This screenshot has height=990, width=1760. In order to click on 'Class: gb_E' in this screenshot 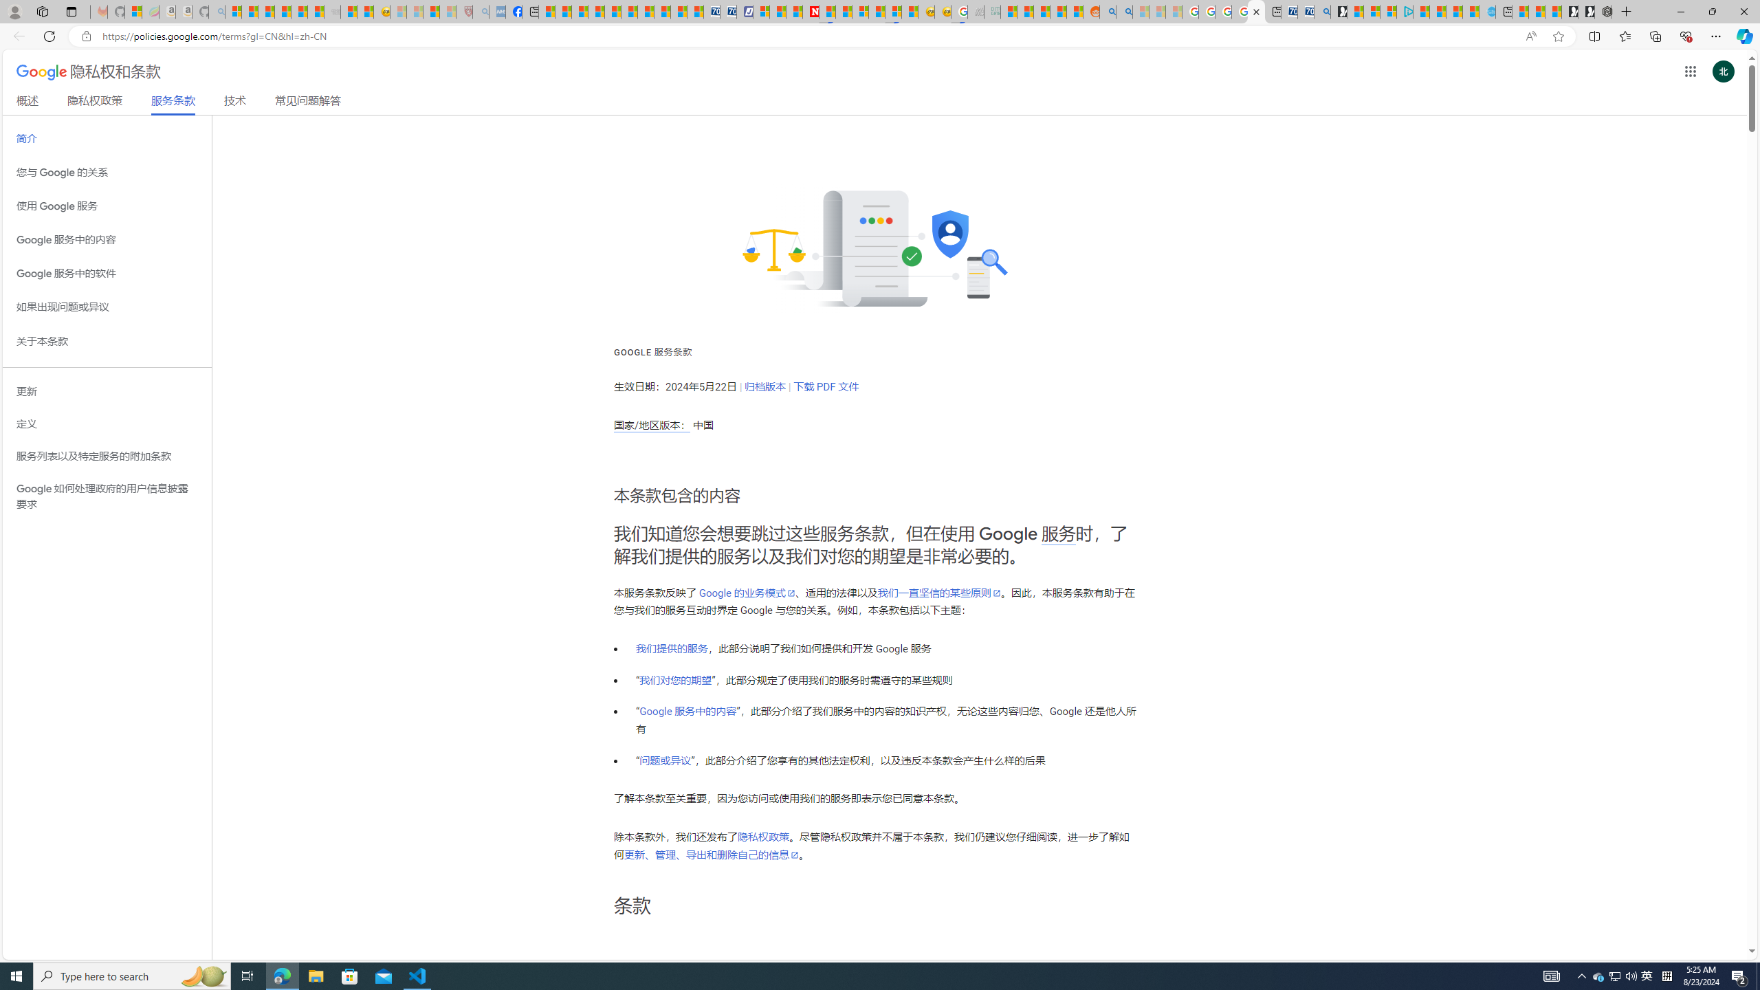, I will do `click(1690, 71)`.